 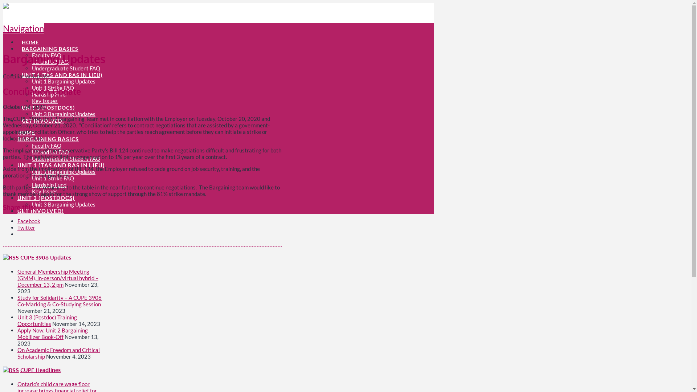 I want to click on 'UNIT 1 (TAS AND RAS IN LIEU)', so click(x=62, y=71).